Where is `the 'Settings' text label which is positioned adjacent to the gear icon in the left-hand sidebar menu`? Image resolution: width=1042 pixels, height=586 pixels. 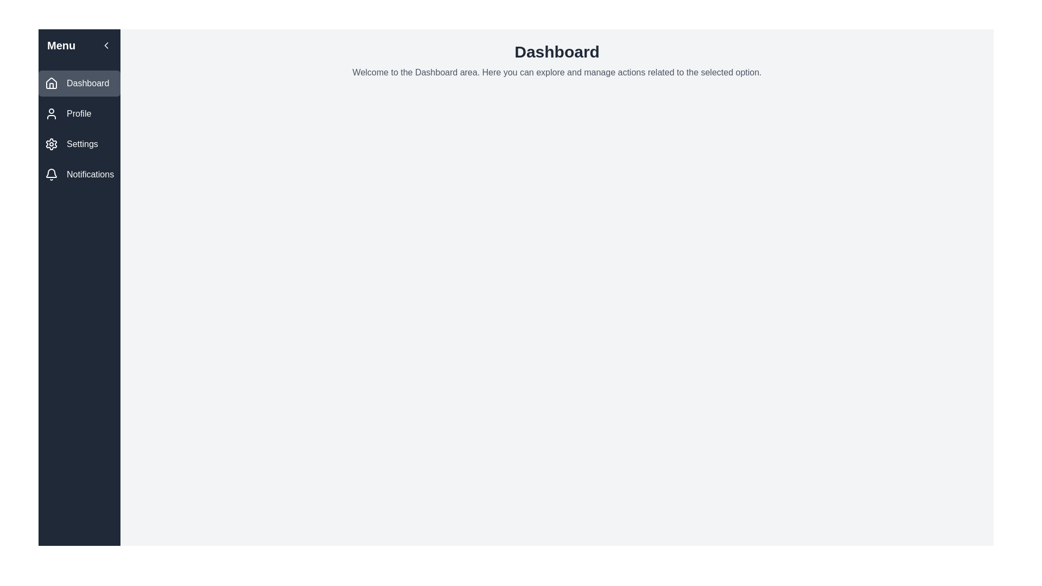
the 'Settings' text label which is positioned adjacent to the gear icon in the left-hand sidebar menu is located at coordinates (81, 144).